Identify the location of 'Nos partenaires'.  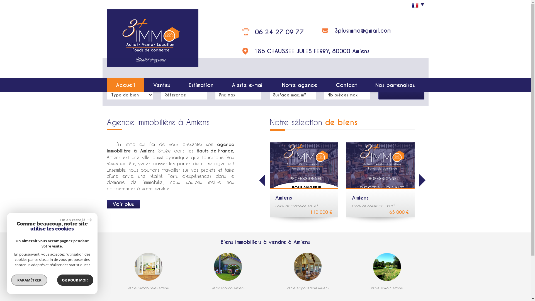
(395, 85).